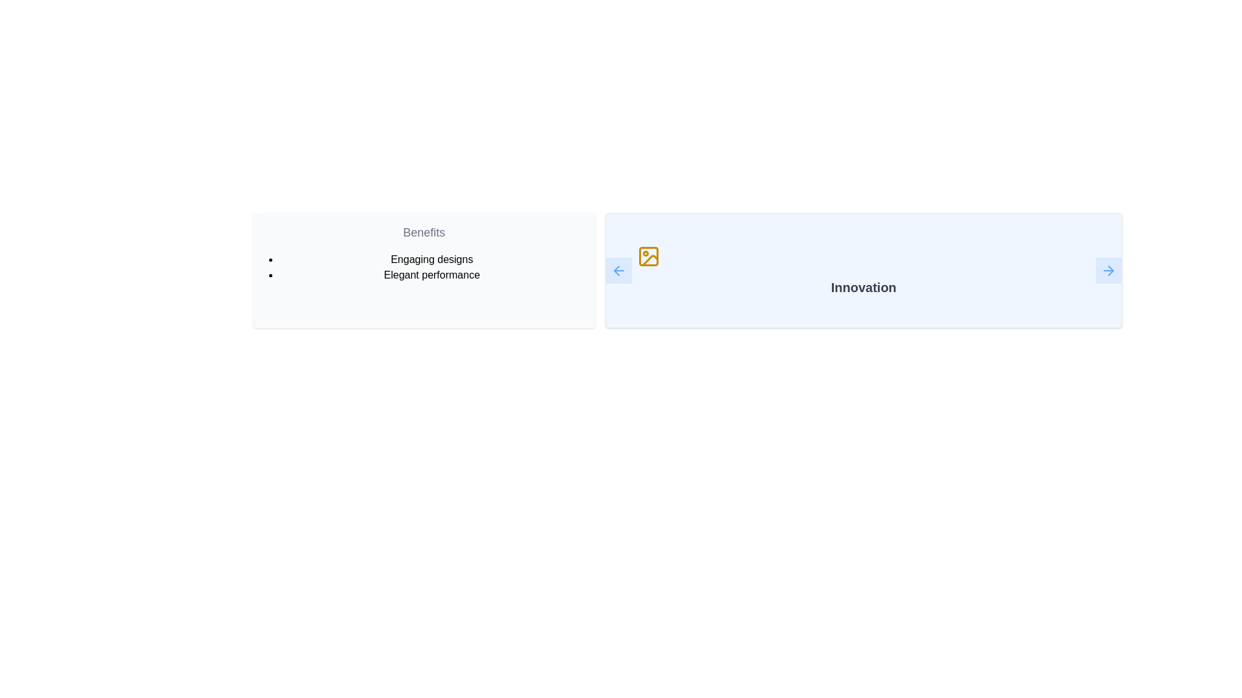 This screenshot has width=1242, height=698. I want to click on the 'Innovation' section icon, which visually represents an image or illustration associated with the section, located centered above the text, so click(648, 257).